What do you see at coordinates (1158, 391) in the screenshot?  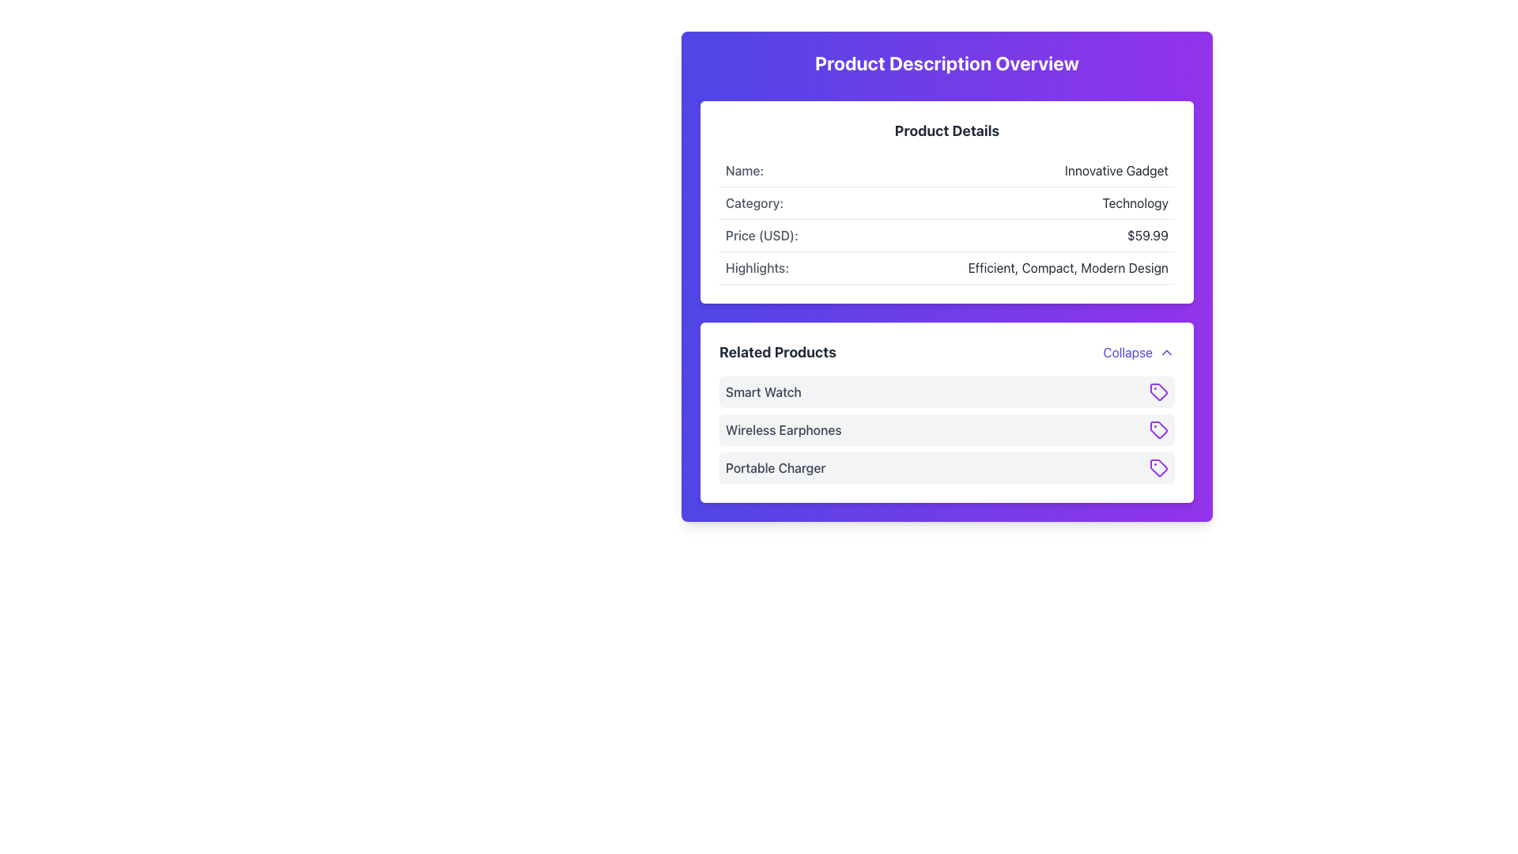 I see `the purple tag icon with a circular cutout located at the right end of the 'Smart Watch' list item in the 'Related Products' section` at bounding box center [1158, 391].